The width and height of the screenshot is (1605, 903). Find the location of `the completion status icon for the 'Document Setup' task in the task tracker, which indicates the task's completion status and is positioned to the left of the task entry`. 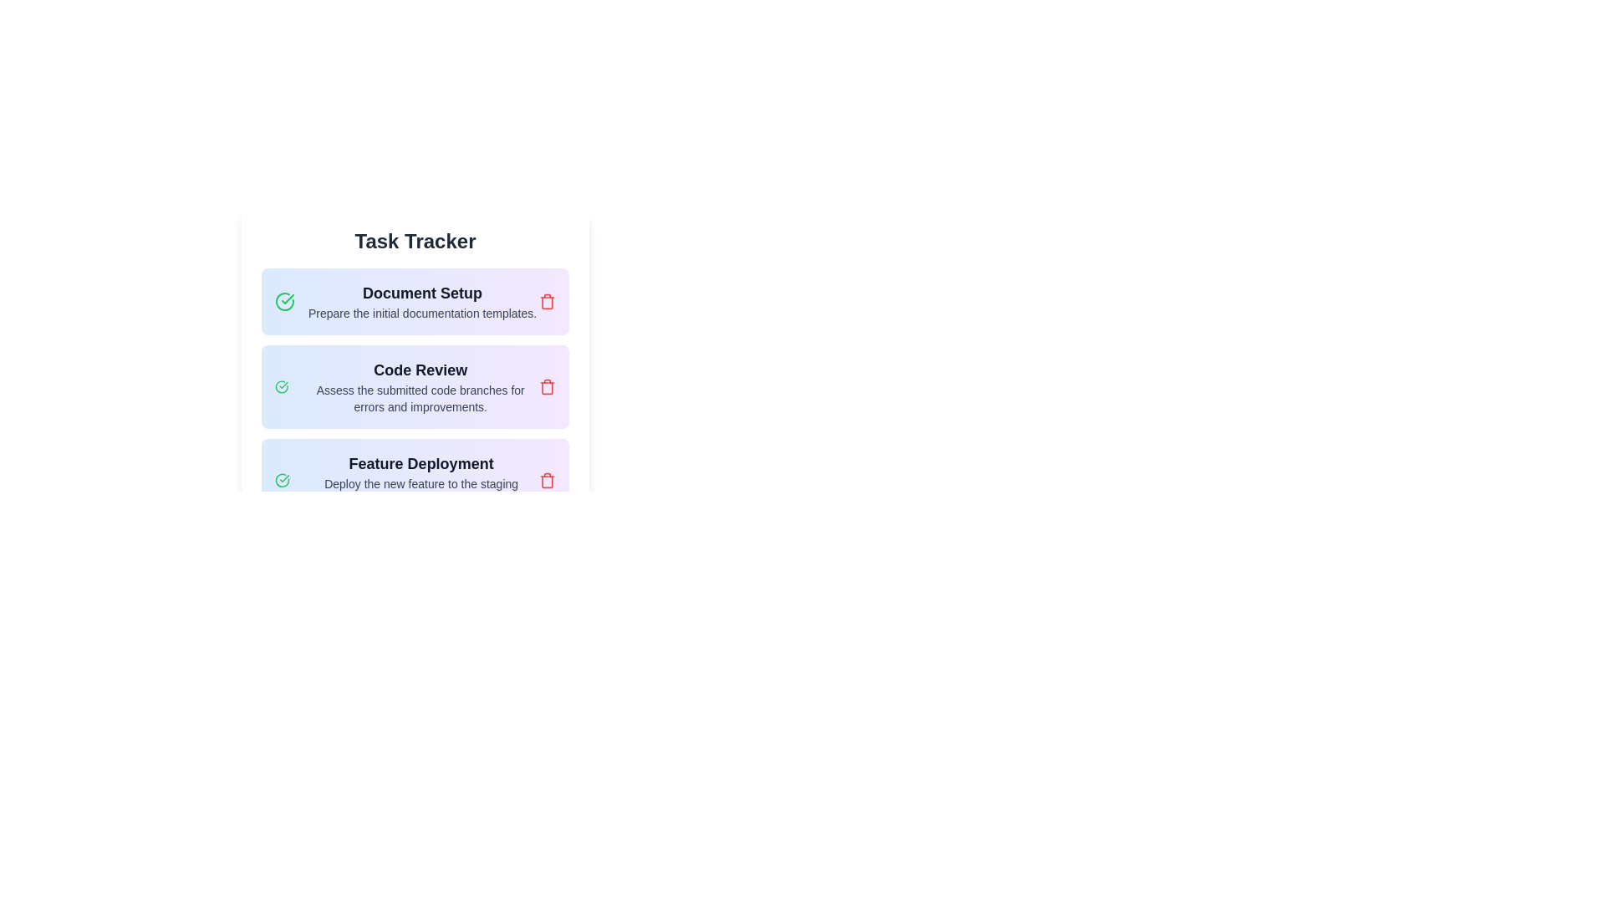

the completion status icon for the 'Document Setup' task in the task tracker, which indicates the task's completion status and is positioned to the left of the task entry is located at coordinates (284, 302).